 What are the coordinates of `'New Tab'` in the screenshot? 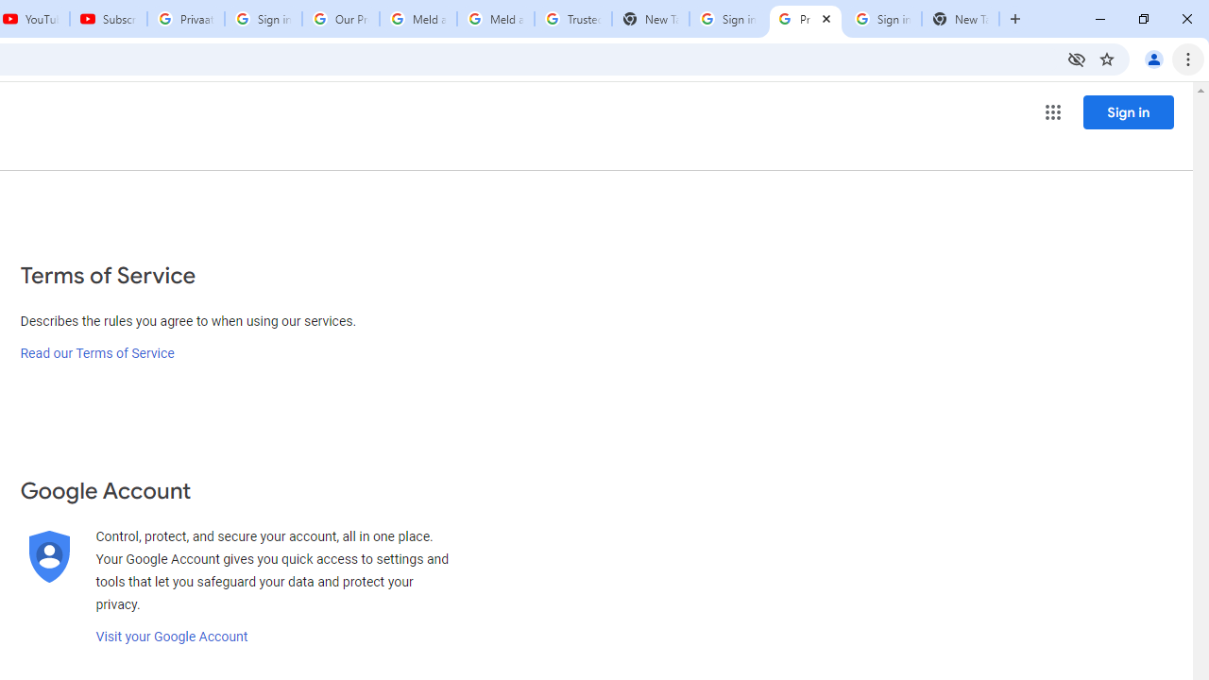 It's located at (960, 19).